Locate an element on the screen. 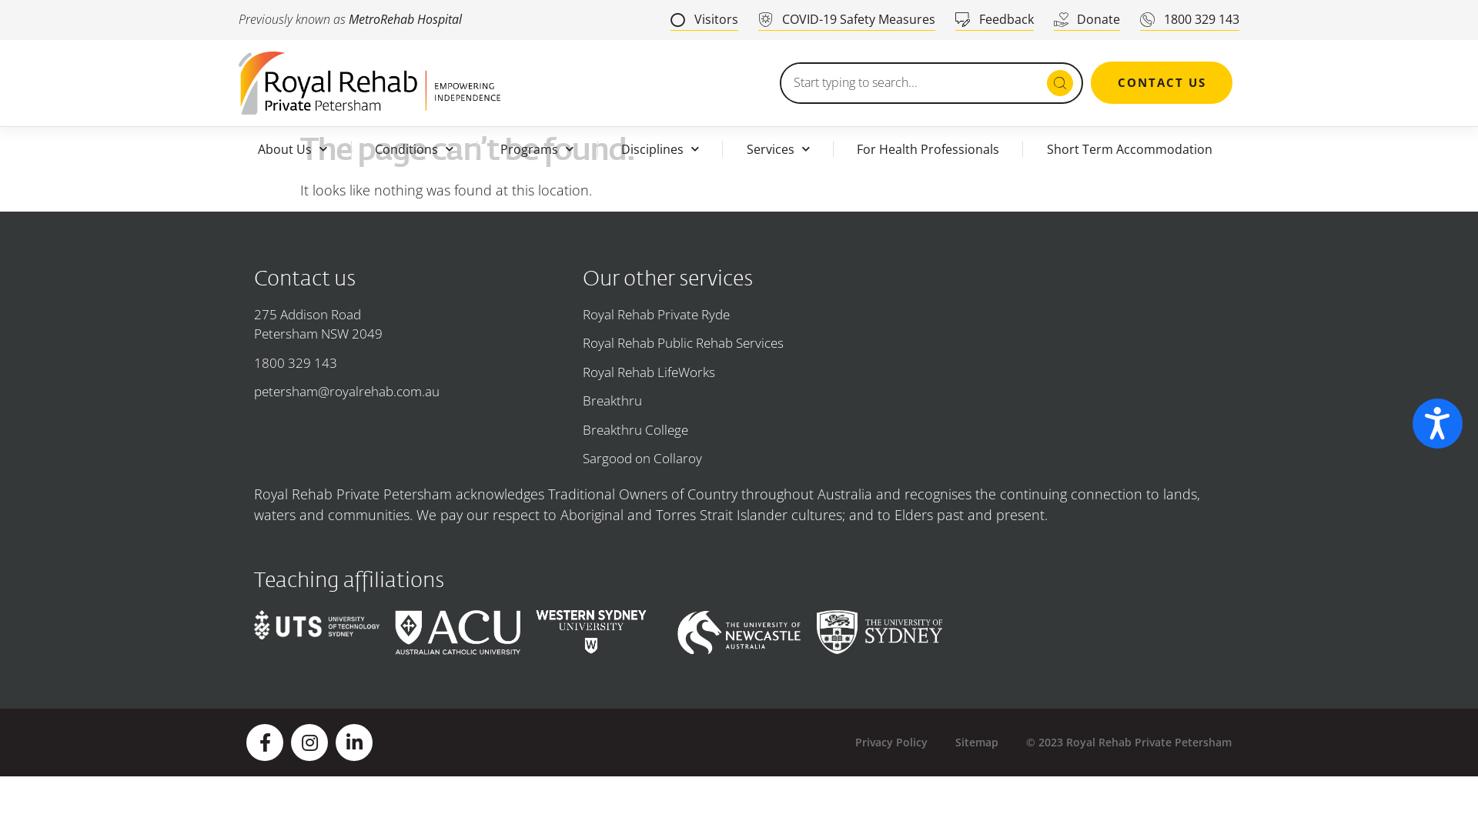 The image size is (1478, 831). 'Short Term Accommodation' is located at coordinates (1129, 149).